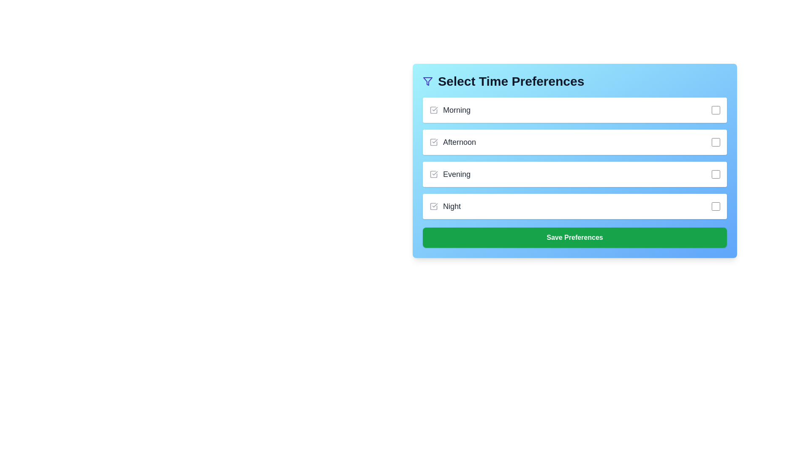 The height and width of the screenshot is (456, 811). Describe the element at coordinates (434, 206) in the screenshot. I see `the checkbox located to the right of the 'Night' option in the 'Select Time Preferences' form` at that location.